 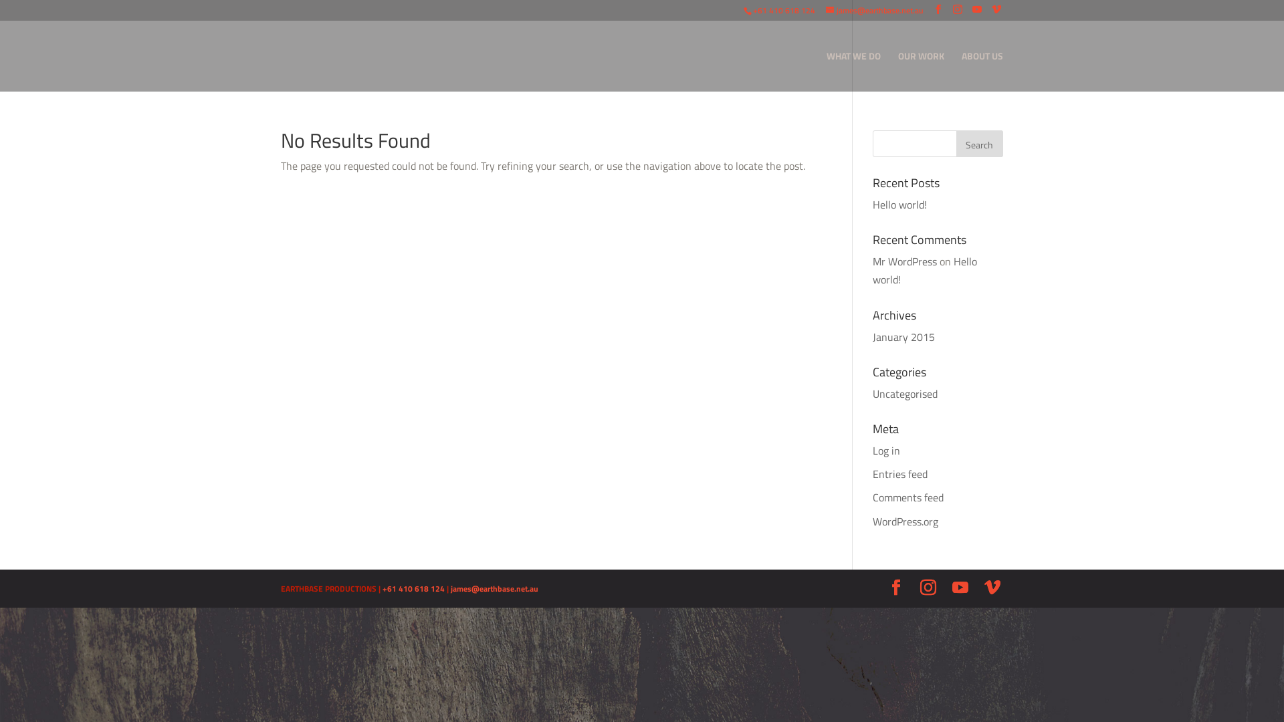 I want to click on 'Log in', so click(x=873, y=451).